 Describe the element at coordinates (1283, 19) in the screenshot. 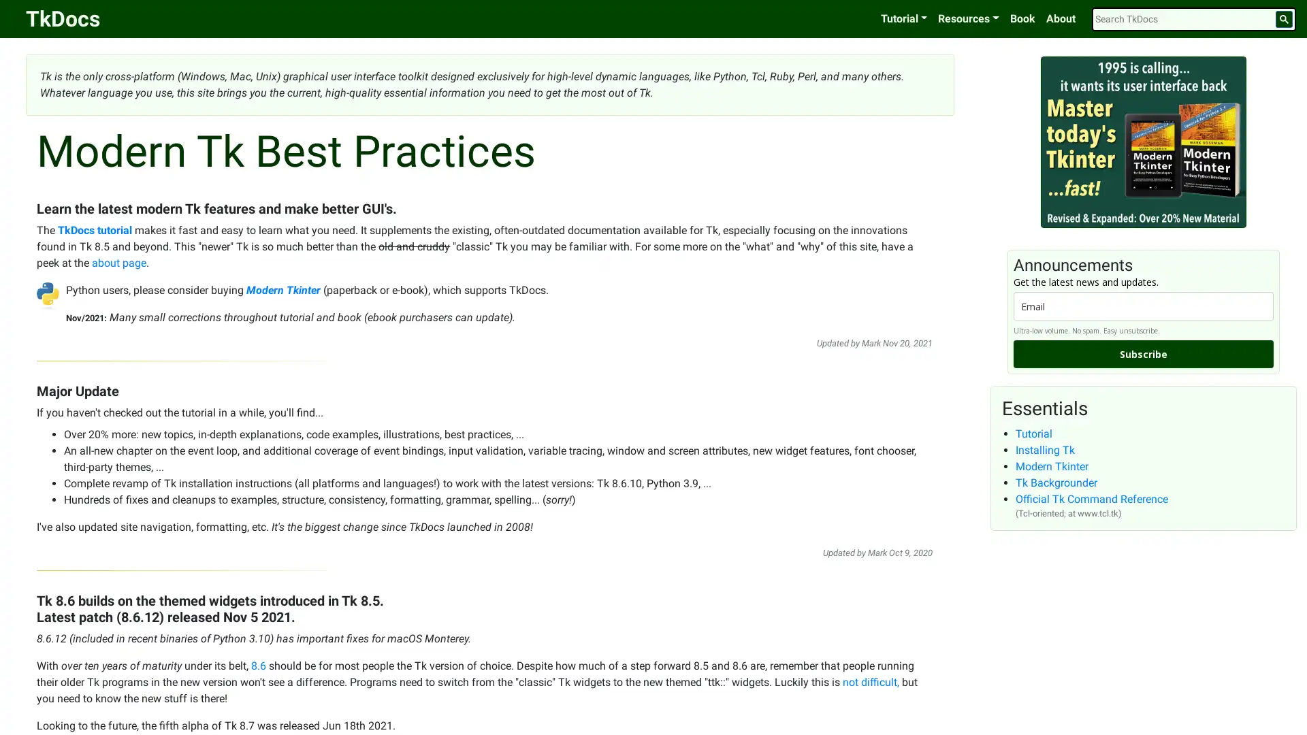

I see `search` at that location.